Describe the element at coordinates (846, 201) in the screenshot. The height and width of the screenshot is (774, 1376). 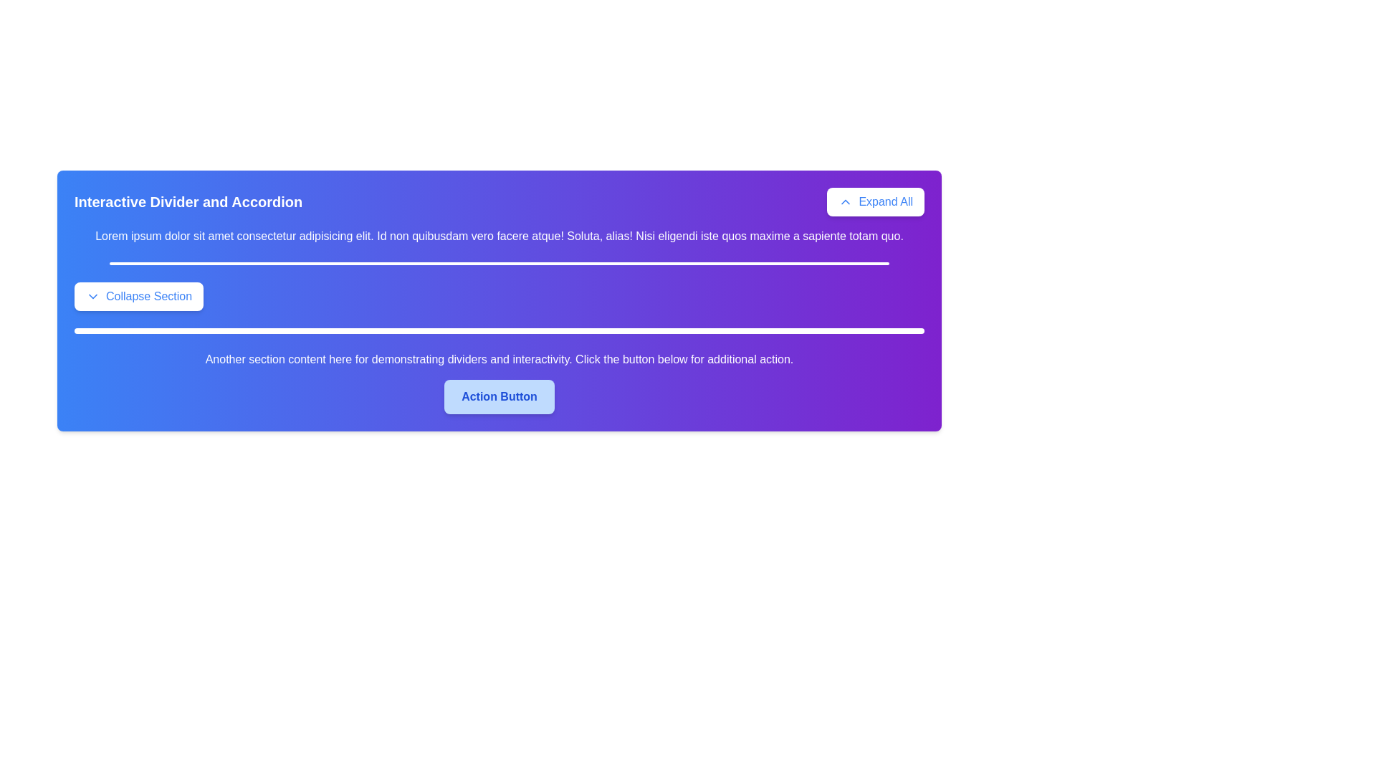
I see `the upward-pointing chevron arrow icon located next to the 'Expand All' button at the top-right of the interface` at that location.